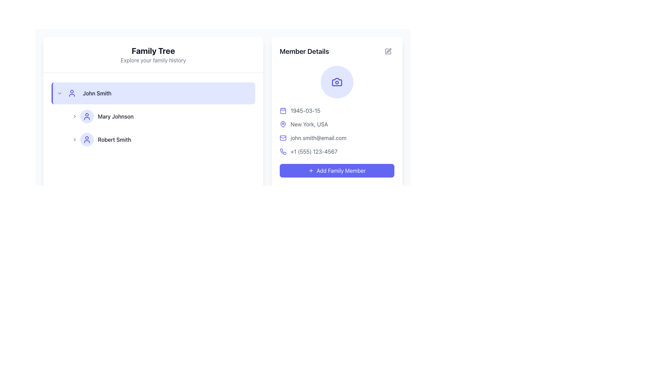 The width and height of the screenshot is (655, 368). What do you see at coordinates (72, 93) in the screenshot?
I see `the indigo user icon representing 'John Smith' in the 'Family Tree' sidebar list` at bounding box center [72, 93].